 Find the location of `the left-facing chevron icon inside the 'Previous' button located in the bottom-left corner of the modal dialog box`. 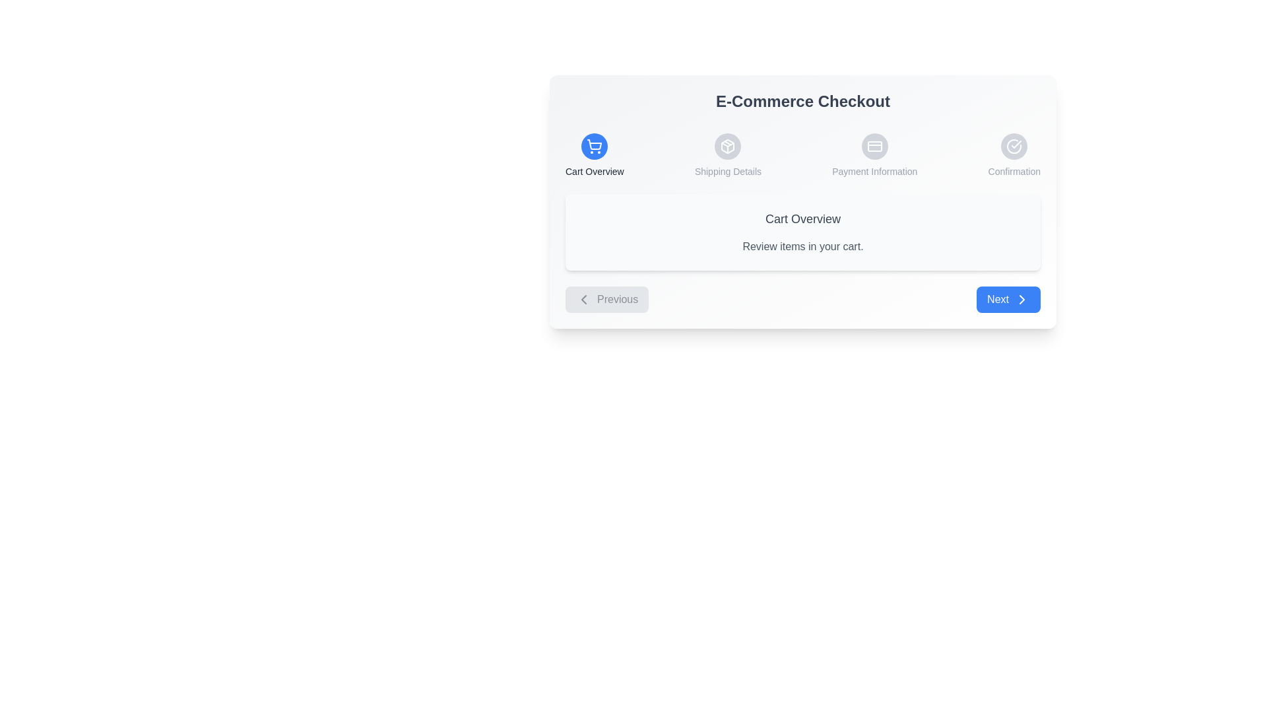

the left-facing chevron icon inside the 'Previous' button located in the bottom-left corner of the modal dialog box is located at coordinates (583, 300).